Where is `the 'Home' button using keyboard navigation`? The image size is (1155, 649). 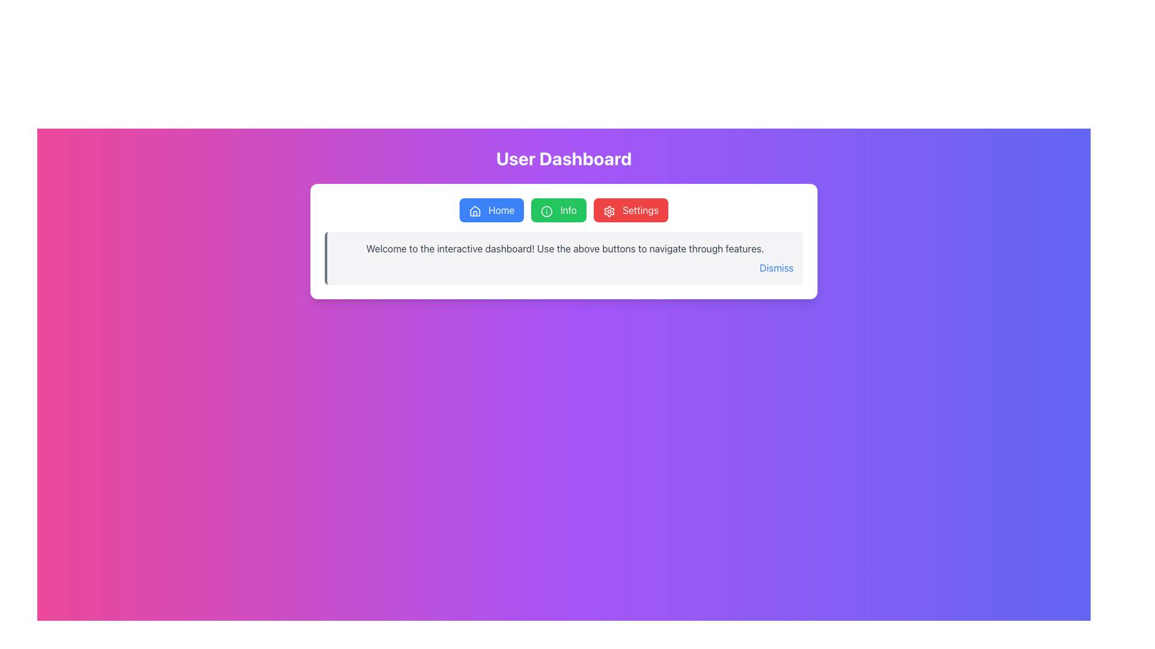
the 'Home' button using keyboard navigation is located at coordinates (491, 210).